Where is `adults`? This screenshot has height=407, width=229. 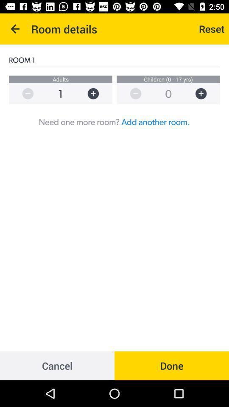
adults is located at coordinates (97, 94).